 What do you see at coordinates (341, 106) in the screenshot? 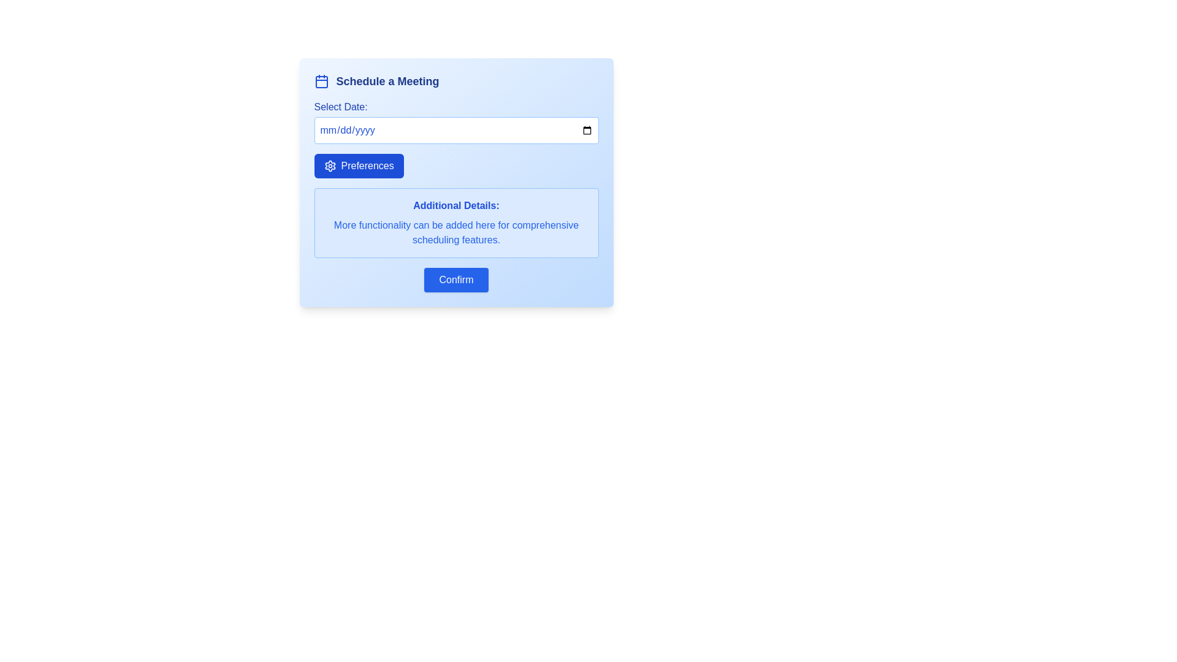
I see `the text label that indicates the purpose of the associated date input field located directly above it` at bounding box center [341, 106].